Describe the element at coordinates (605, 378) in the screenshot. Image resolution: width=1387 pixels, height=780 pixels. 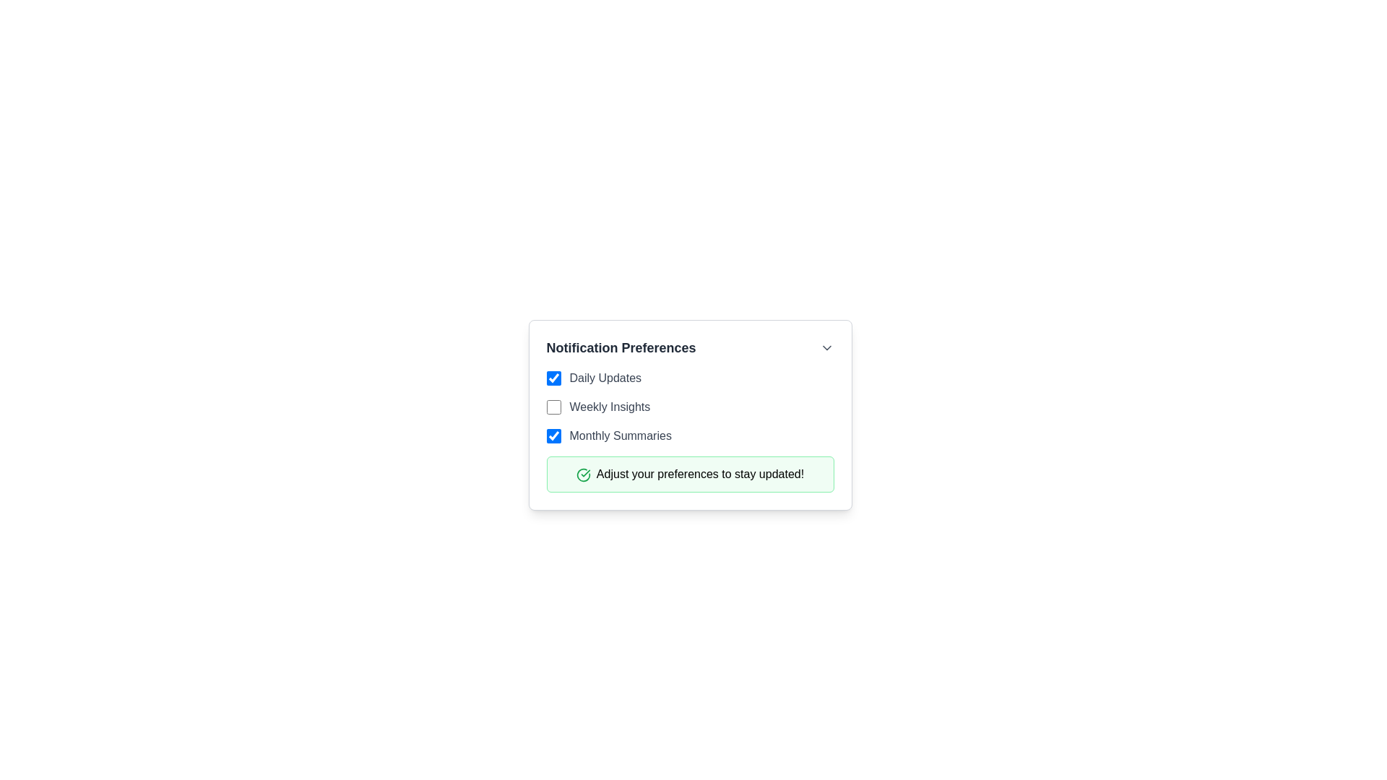
I see `label text 'Daily Updates' which is displayed in dark gray, located next to the first checkbox in the 'Notification Preferences' section` at that location.